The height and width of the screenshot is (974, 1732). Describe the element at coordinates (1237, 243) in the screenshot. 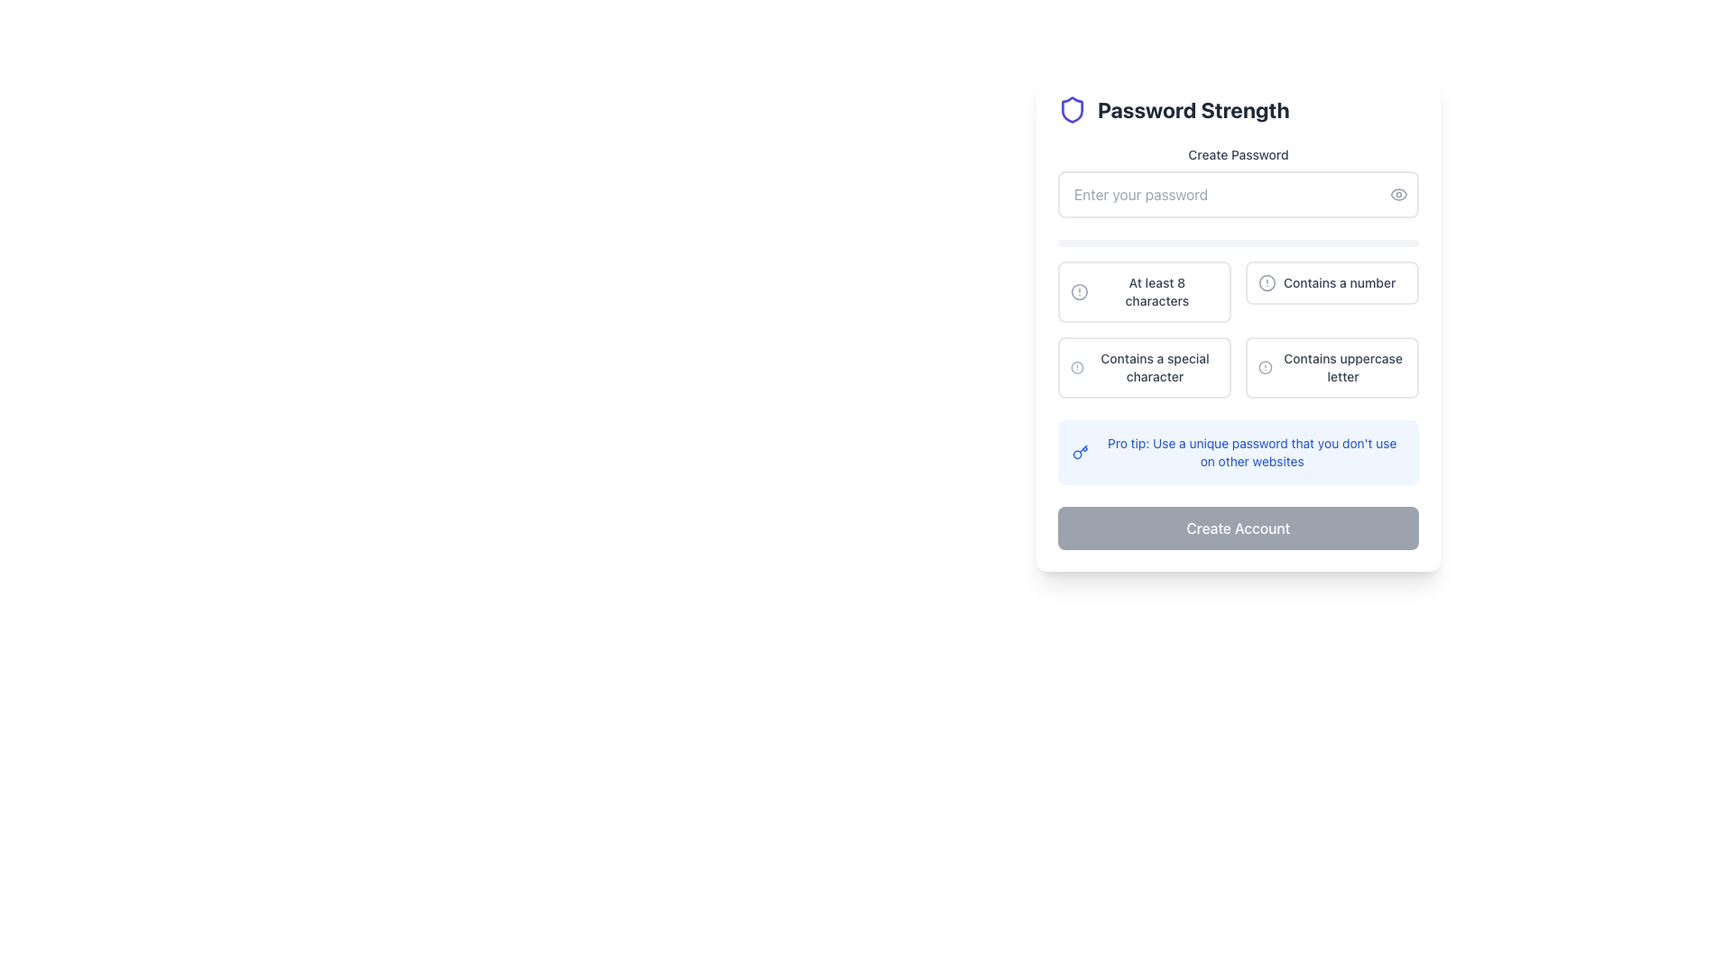

I see `the horizontal progress bar located below the 'Enter your password' input field, which has a light gray background and no progress shown` at that location.